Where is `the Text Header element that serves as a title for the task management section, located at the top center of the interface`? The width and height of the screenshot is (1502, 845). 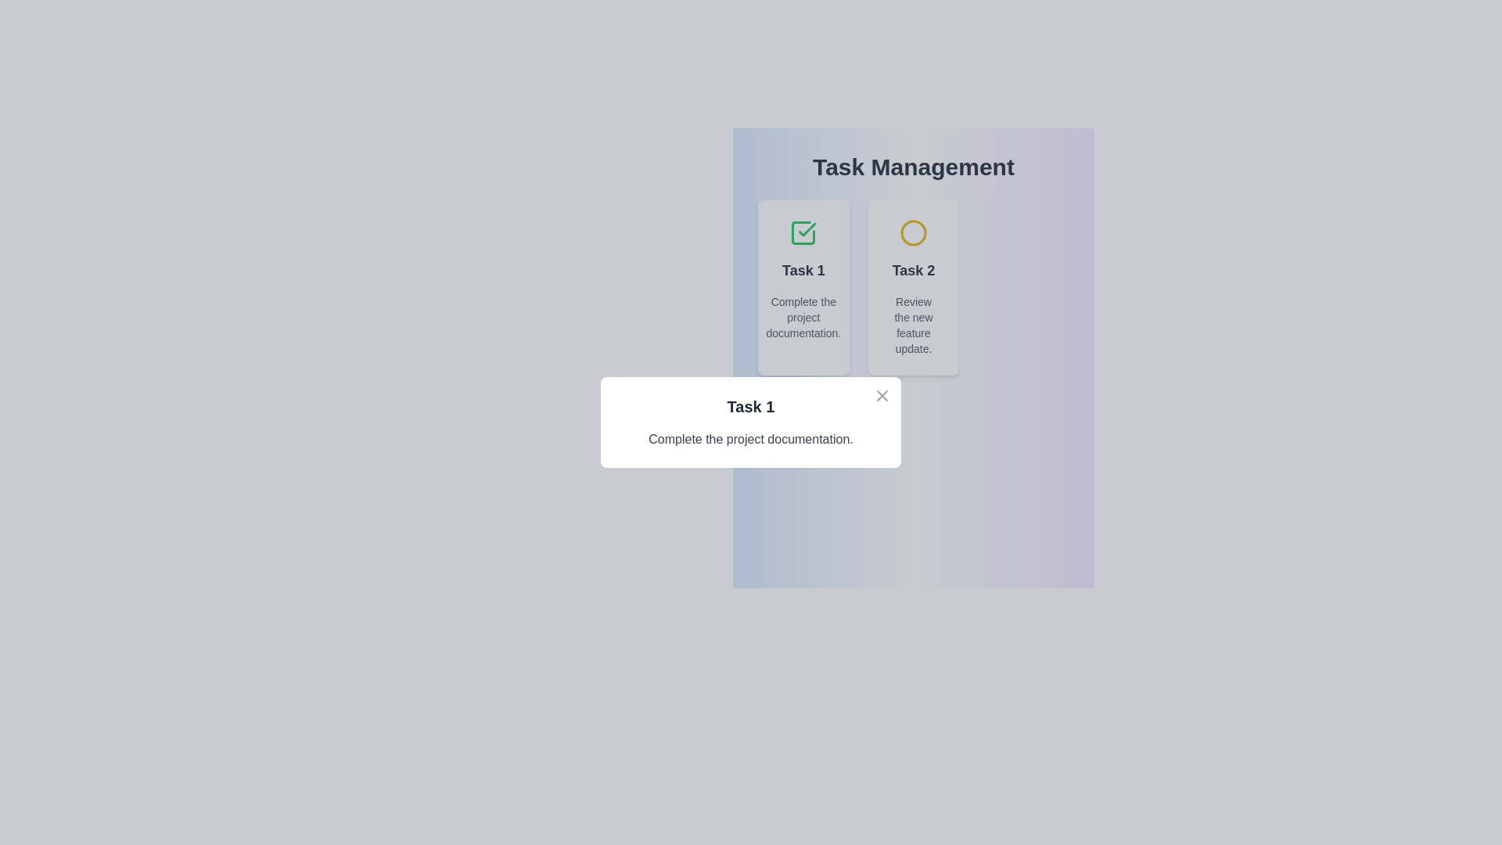
the Text Header element that serves as a title for the task management section, located at the top center of the interface is located at coordinates (913, 167).